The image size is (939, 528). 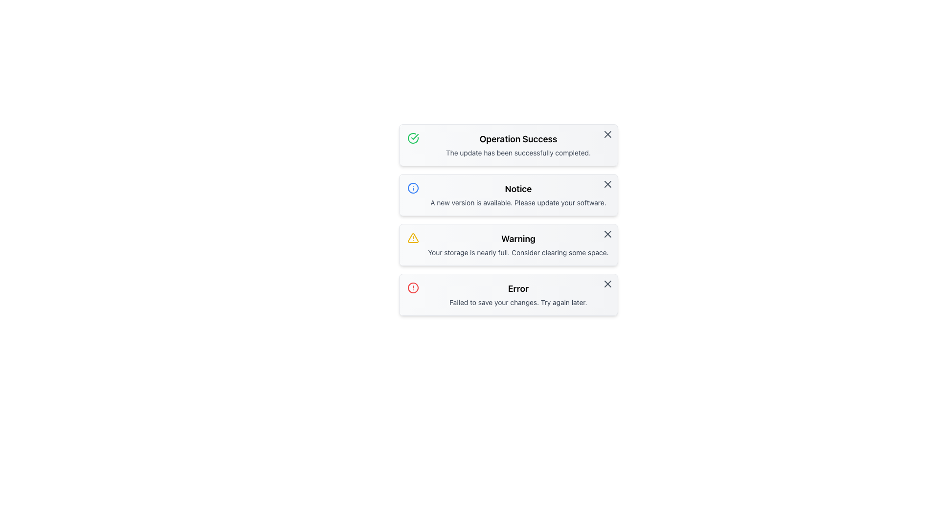 What do you see at coordinates (607, 184) in the screenshot?
I see `the close button represented by a vector graphic in the top-right corner of the notice dialog` at bounding box center [607, 184].